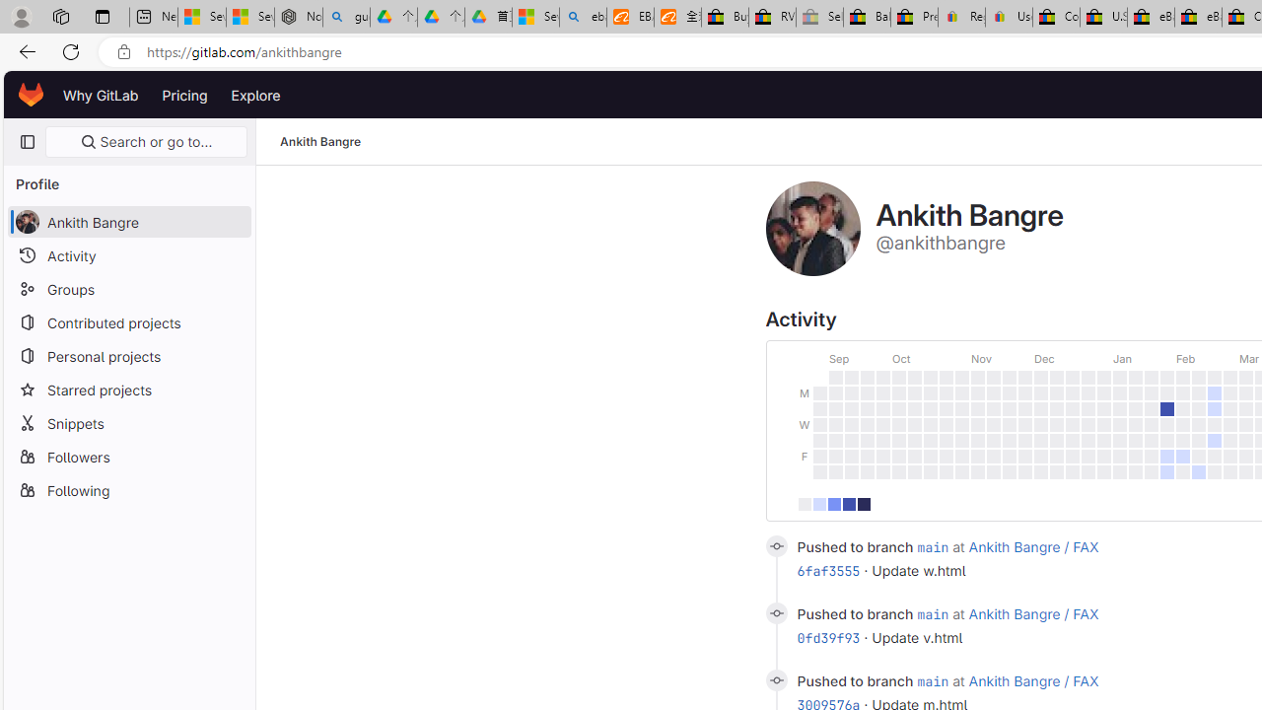  Describe the element at coordinates (775, 679) in the screenshot. I see `'Class: s14'` at that location.